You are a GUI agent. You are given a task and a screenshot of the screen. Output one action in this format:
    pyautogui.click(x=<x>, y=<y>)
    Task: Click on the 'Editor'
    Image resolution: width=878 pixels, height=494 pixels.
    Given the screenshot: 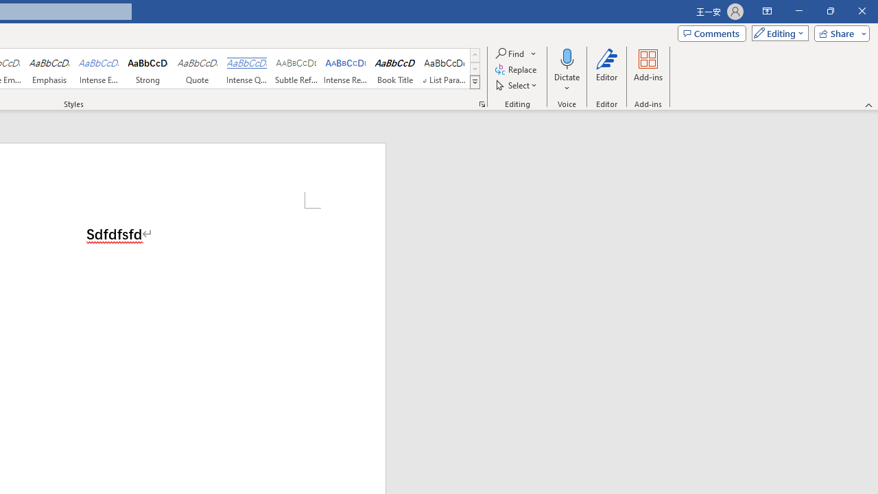 What is the action you would take?
    pyautogui.click(x=606, y=71)
    